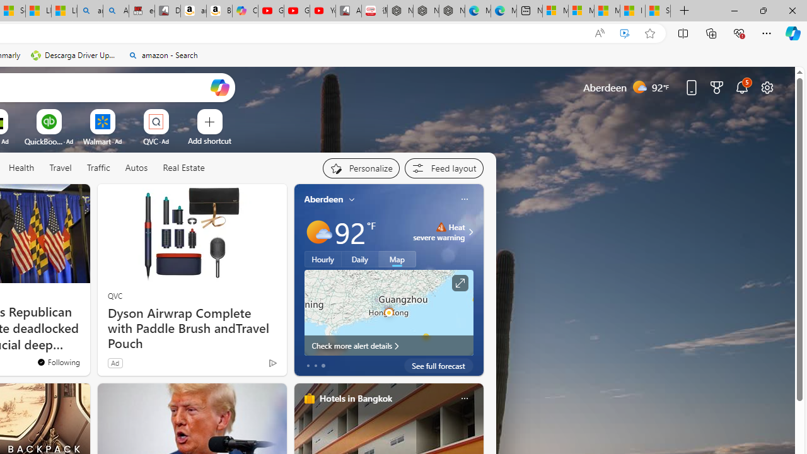 The image size is (807, 454). Describe the element at coordinates (74, 55) in the screenshot. I see `'Descarga Driver Updater'` at that location.